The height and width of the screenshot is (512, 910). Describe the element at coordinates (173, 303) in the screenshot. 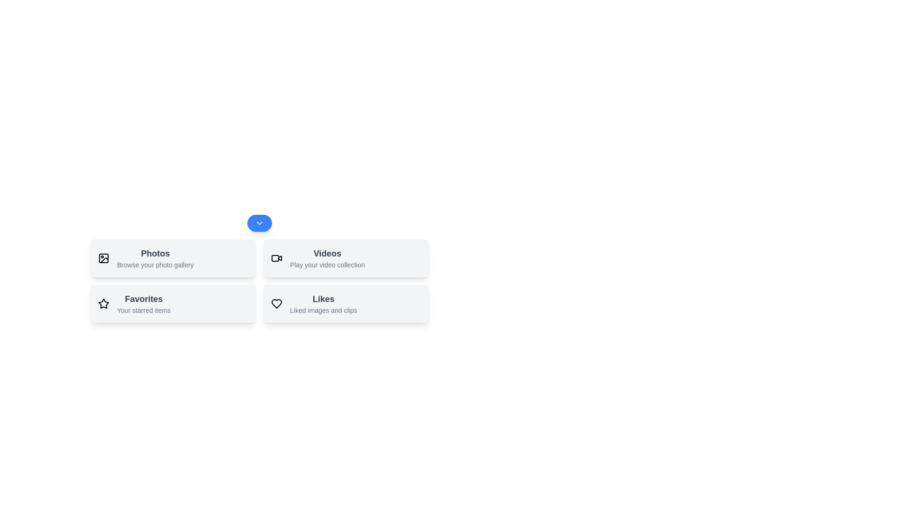

I see `the action button labeled 'Favorites' to observe its visual effects` at that location.